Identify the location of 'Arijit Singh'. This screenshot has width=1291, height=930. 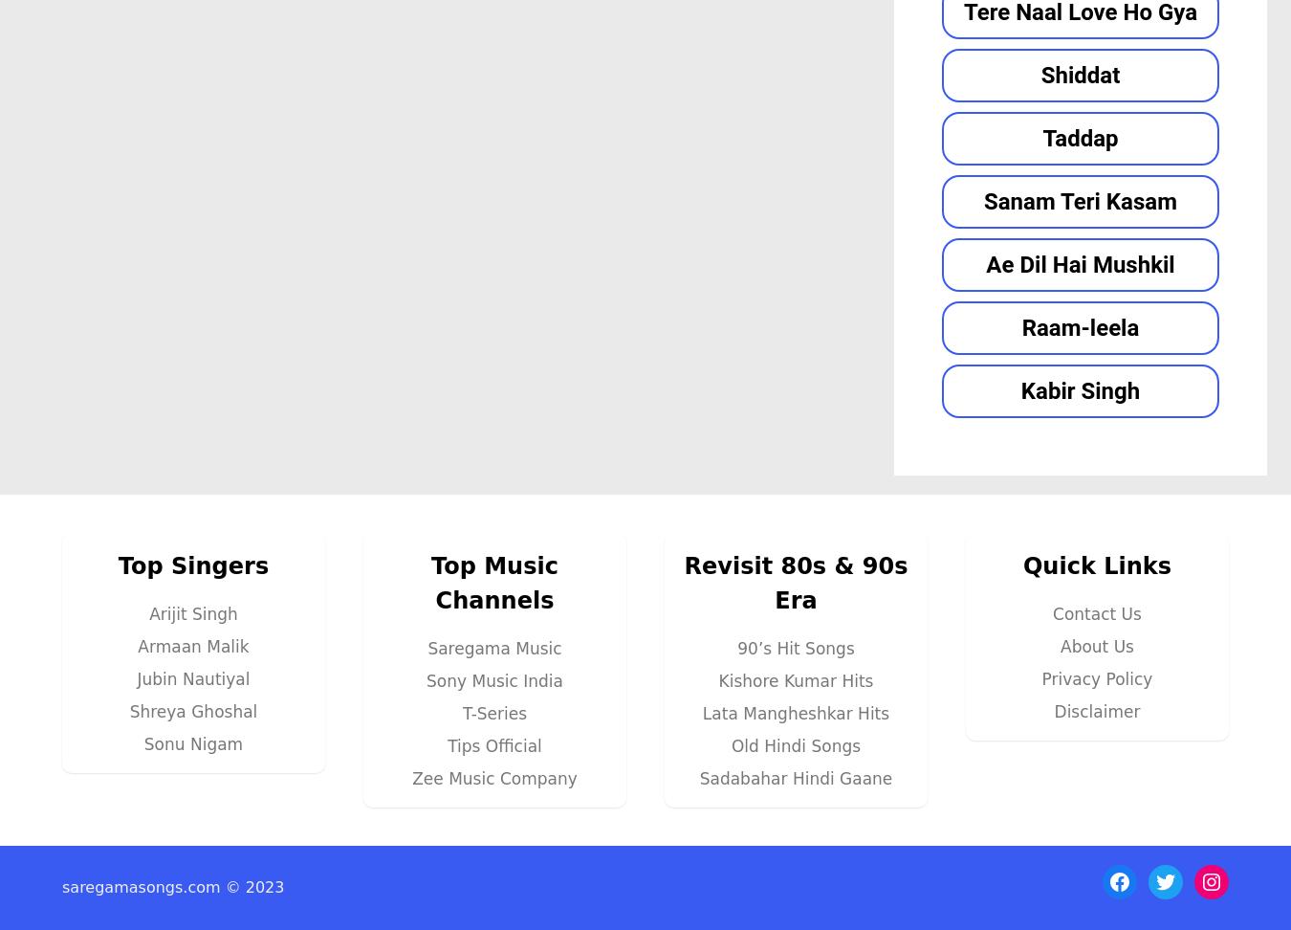
(192, 613).